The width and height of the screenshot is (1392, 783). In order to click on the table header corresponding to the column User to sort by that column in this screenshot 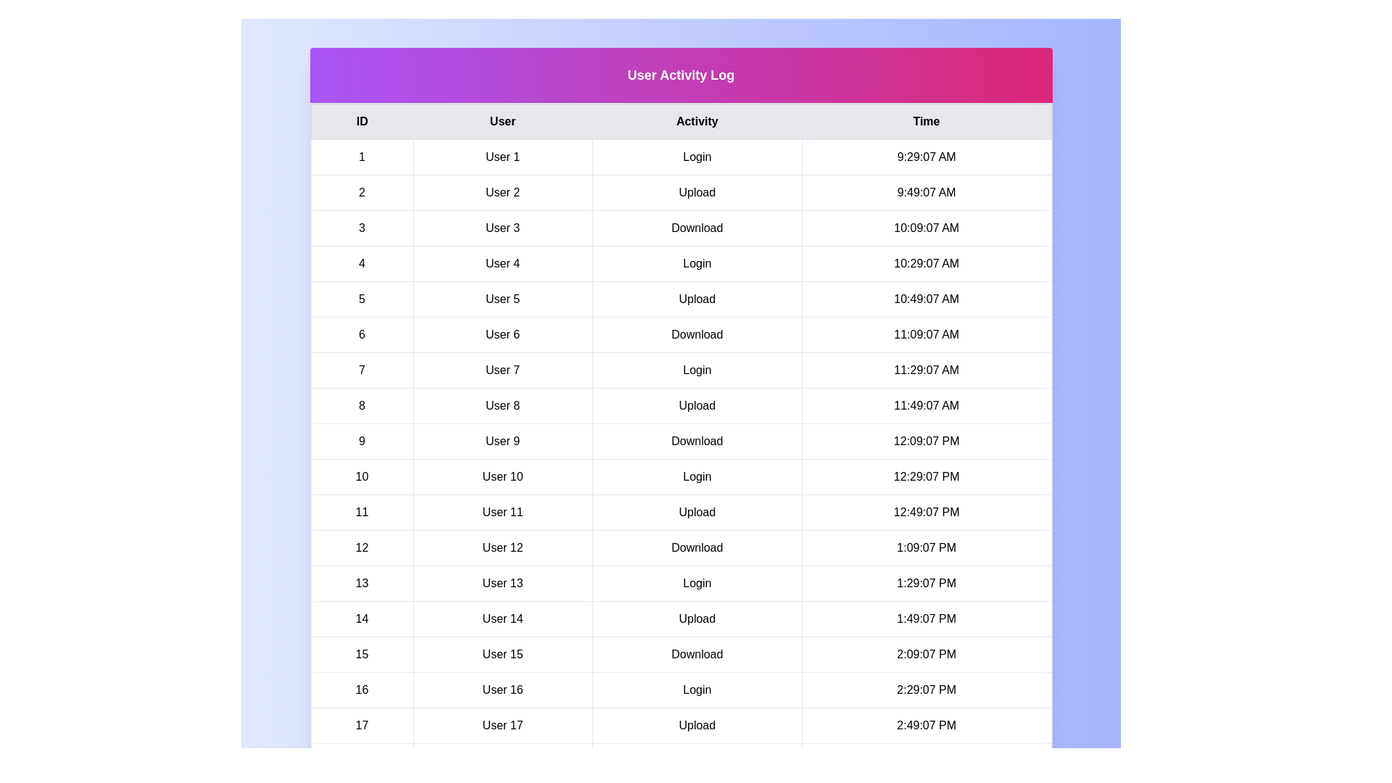, I will do `click(502, 121)`.